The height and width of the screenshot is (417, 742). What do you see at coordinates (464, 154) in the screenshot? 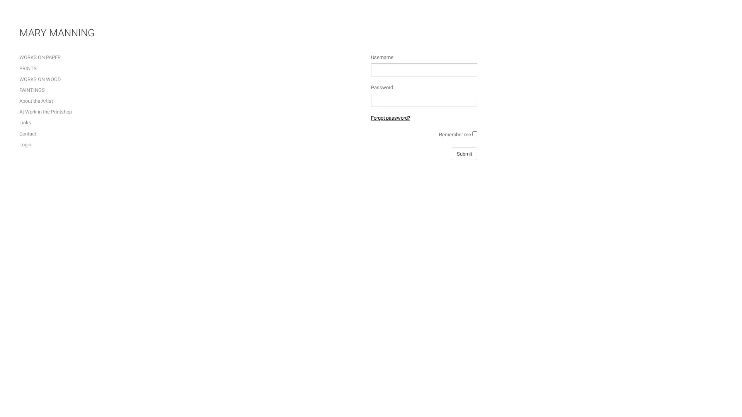
I see `Submit` at bounding box center [464, 154].